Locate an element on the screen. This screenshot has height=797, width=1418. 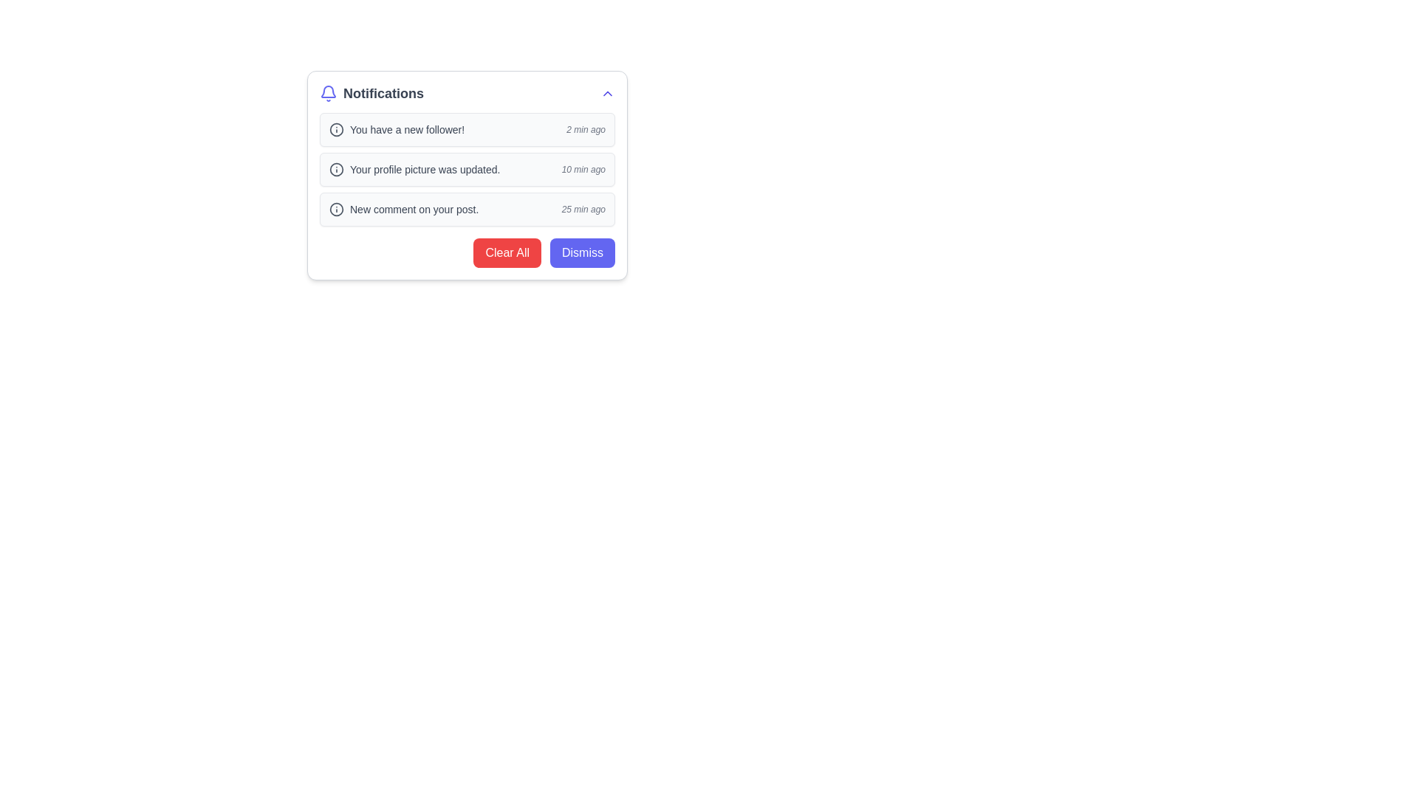
the indigo lower curve of the bell icon located to the left of the 'Notifications' text in the notification header area is located at coordinates (328, 92).